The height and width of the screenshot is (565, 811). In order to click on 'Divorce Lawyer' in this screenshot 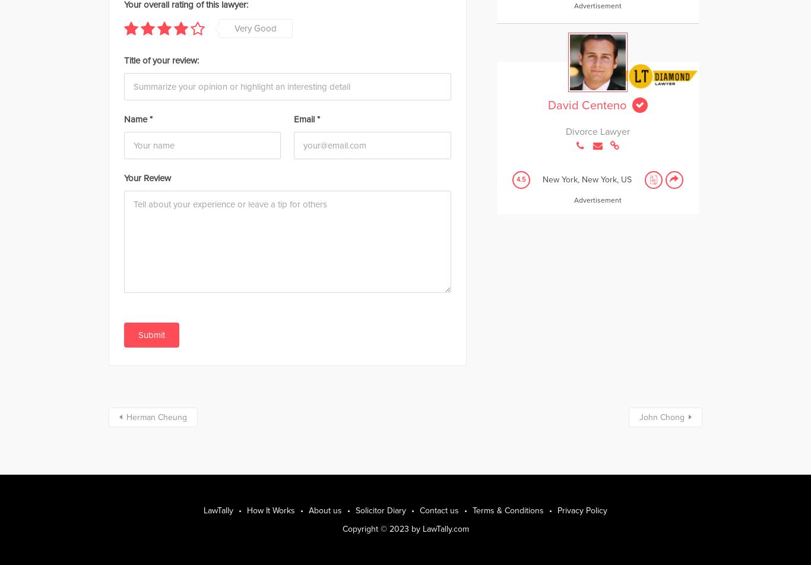, I will do `click(597, 131)`.